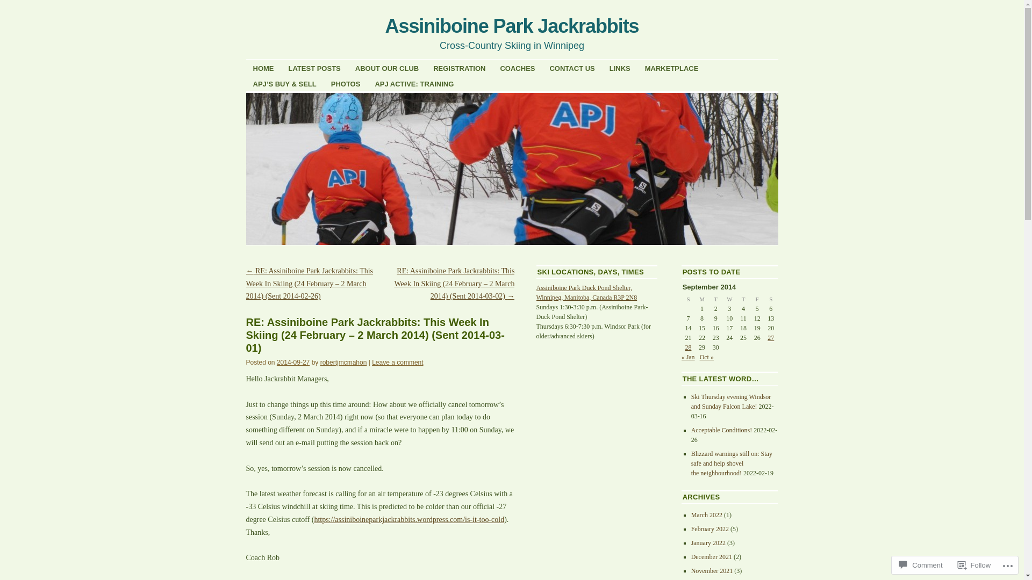 The width and height of the screenshot is (1032, 580). I want to click on 'REGISTRATION', so click(459, 68).